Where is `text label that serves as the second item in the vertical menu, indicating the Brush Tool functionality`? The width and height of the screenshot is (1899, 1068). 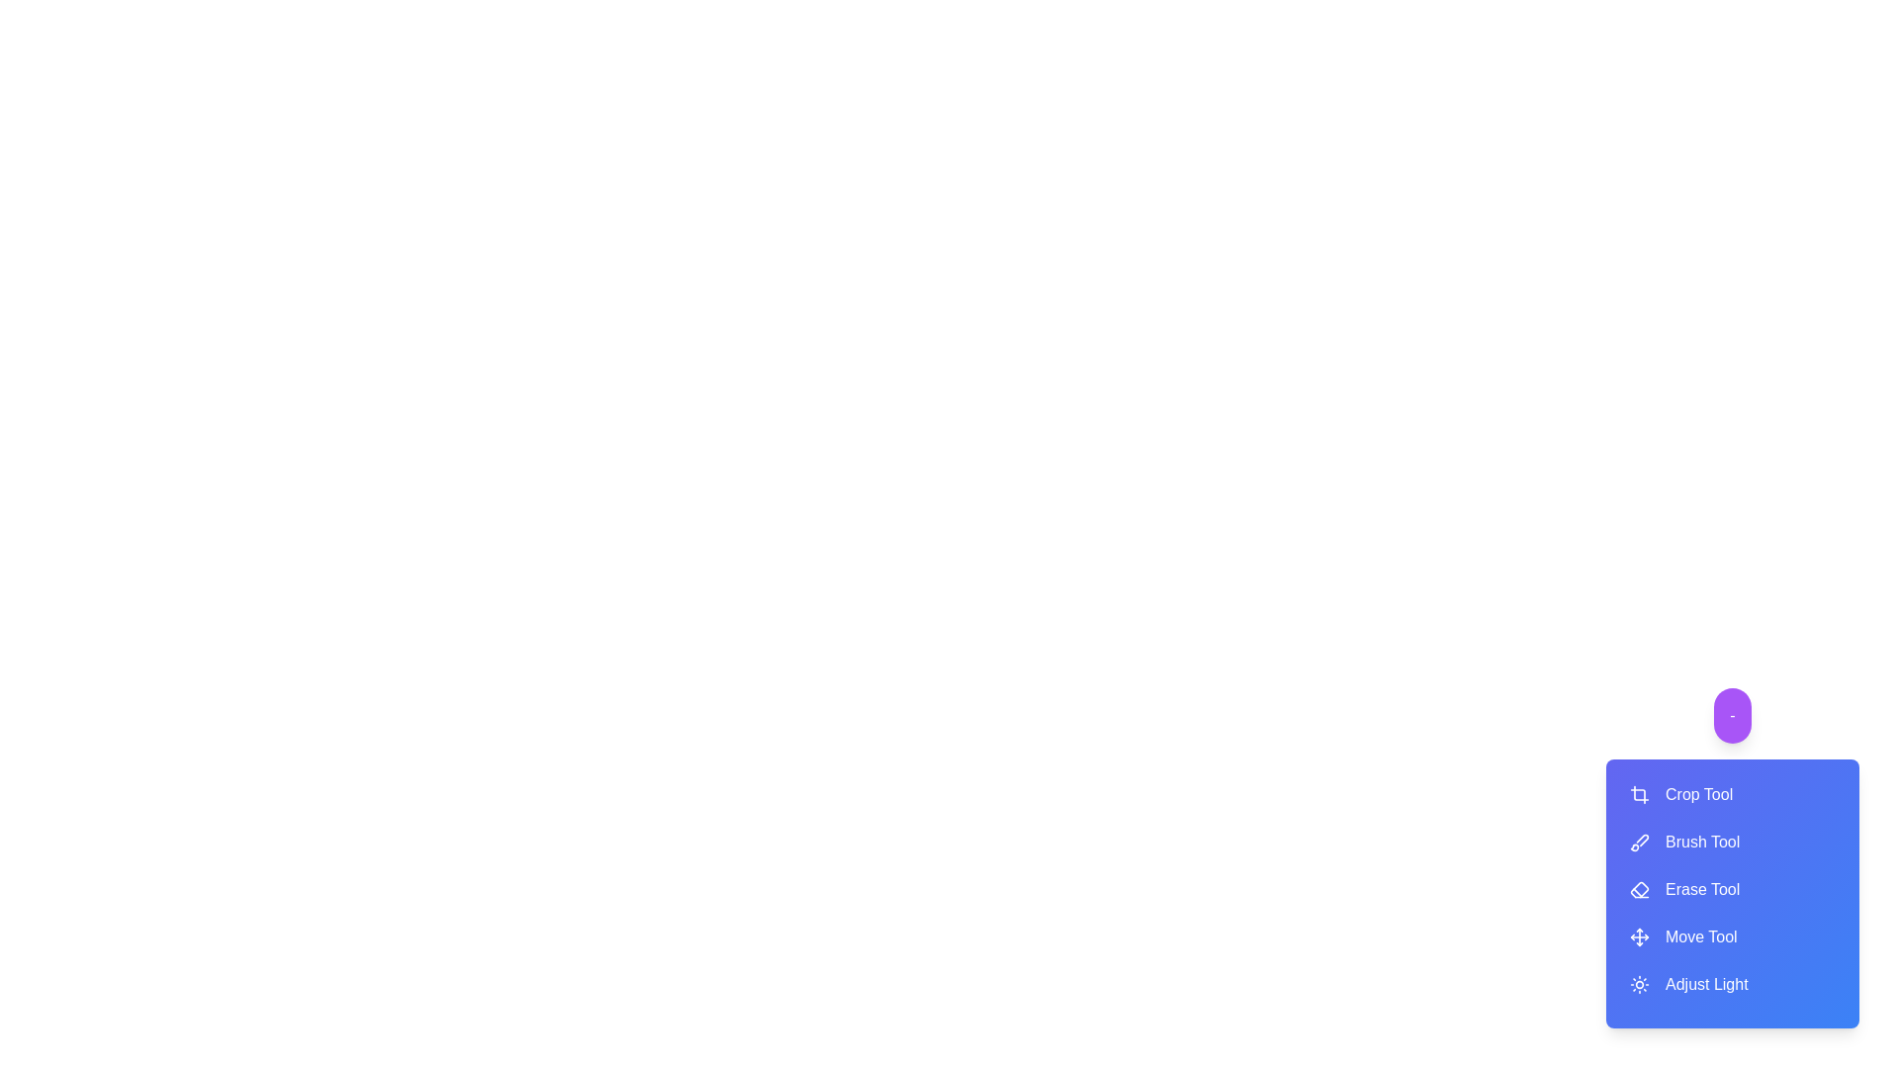
text label that serves as the second item in the vertical menu, indicating the Brush Tool functionality is located at coordinates (1701, 843).